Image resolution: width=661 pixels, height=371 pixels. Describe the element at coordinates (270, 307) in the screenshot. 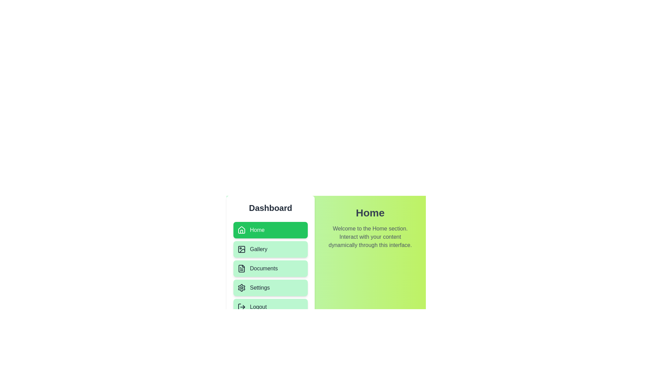

I see `the menu item corresponding to Logout` at that location.